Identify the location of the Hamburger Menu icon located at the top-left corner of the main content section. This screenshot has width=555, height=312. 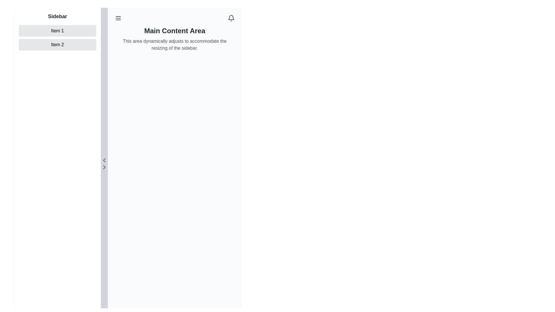
(118, 18).